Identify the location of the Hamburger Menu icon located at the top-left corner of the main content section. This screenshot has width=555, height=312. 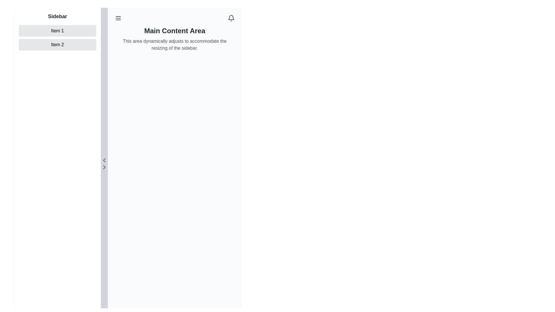
(118, 18).